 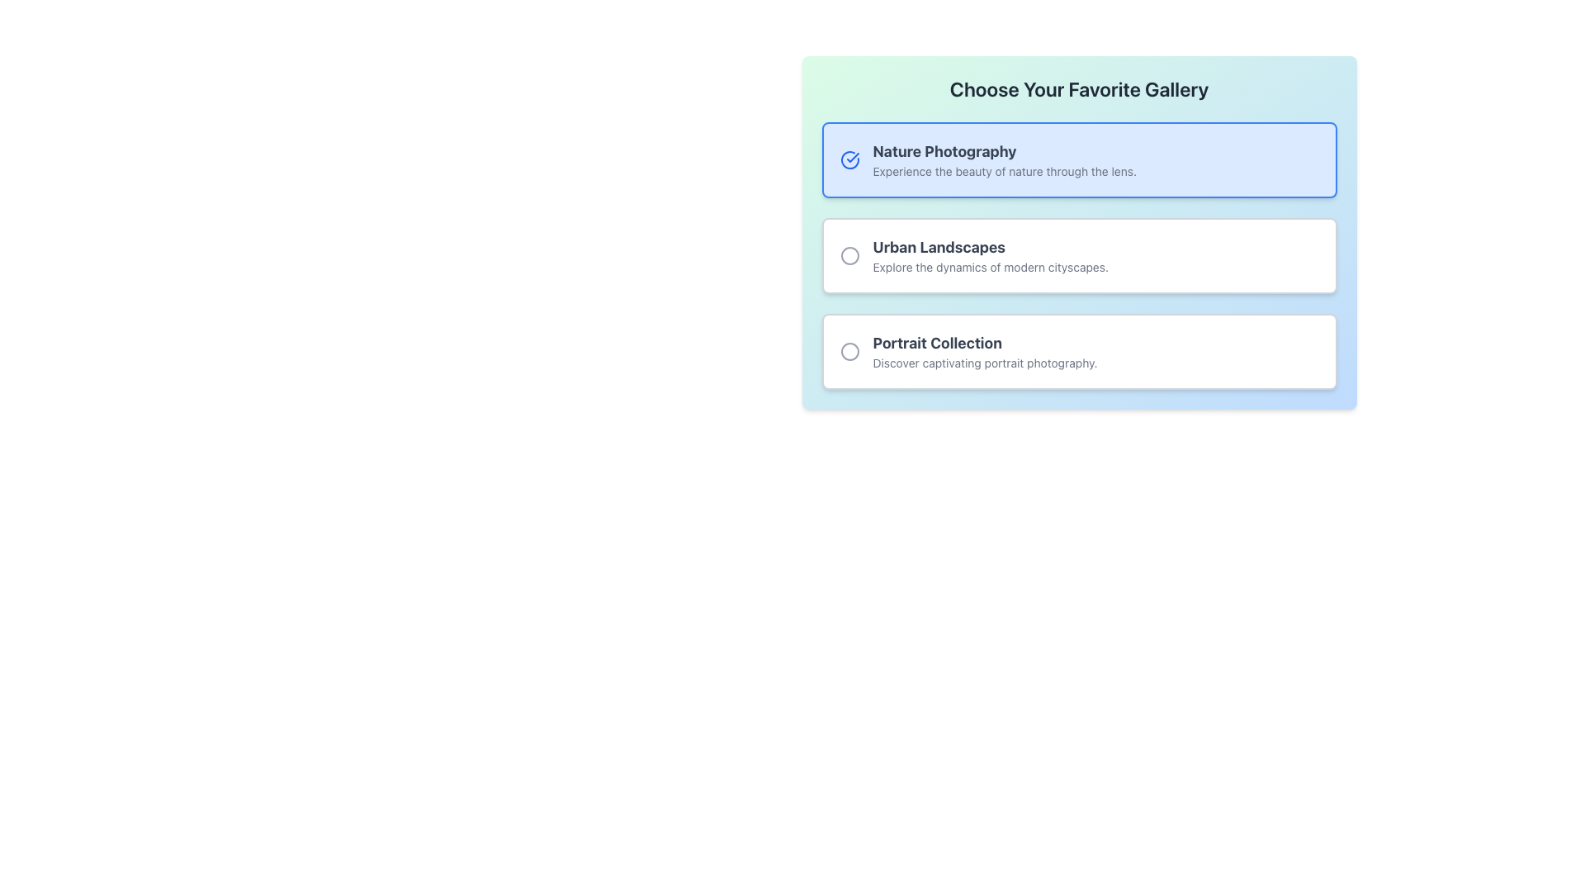 What do you see at coordinates (849, 159) in the screenshot?
I see `the small curved blue arc in the top-left of the circular icon next to the 'Nature Photography' text` at bounding box center [849, 159].